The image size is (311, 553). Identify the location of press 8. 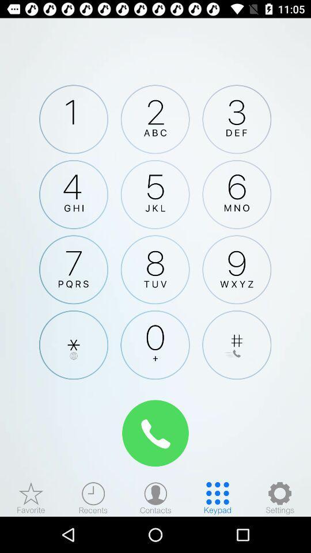
(155, 270).